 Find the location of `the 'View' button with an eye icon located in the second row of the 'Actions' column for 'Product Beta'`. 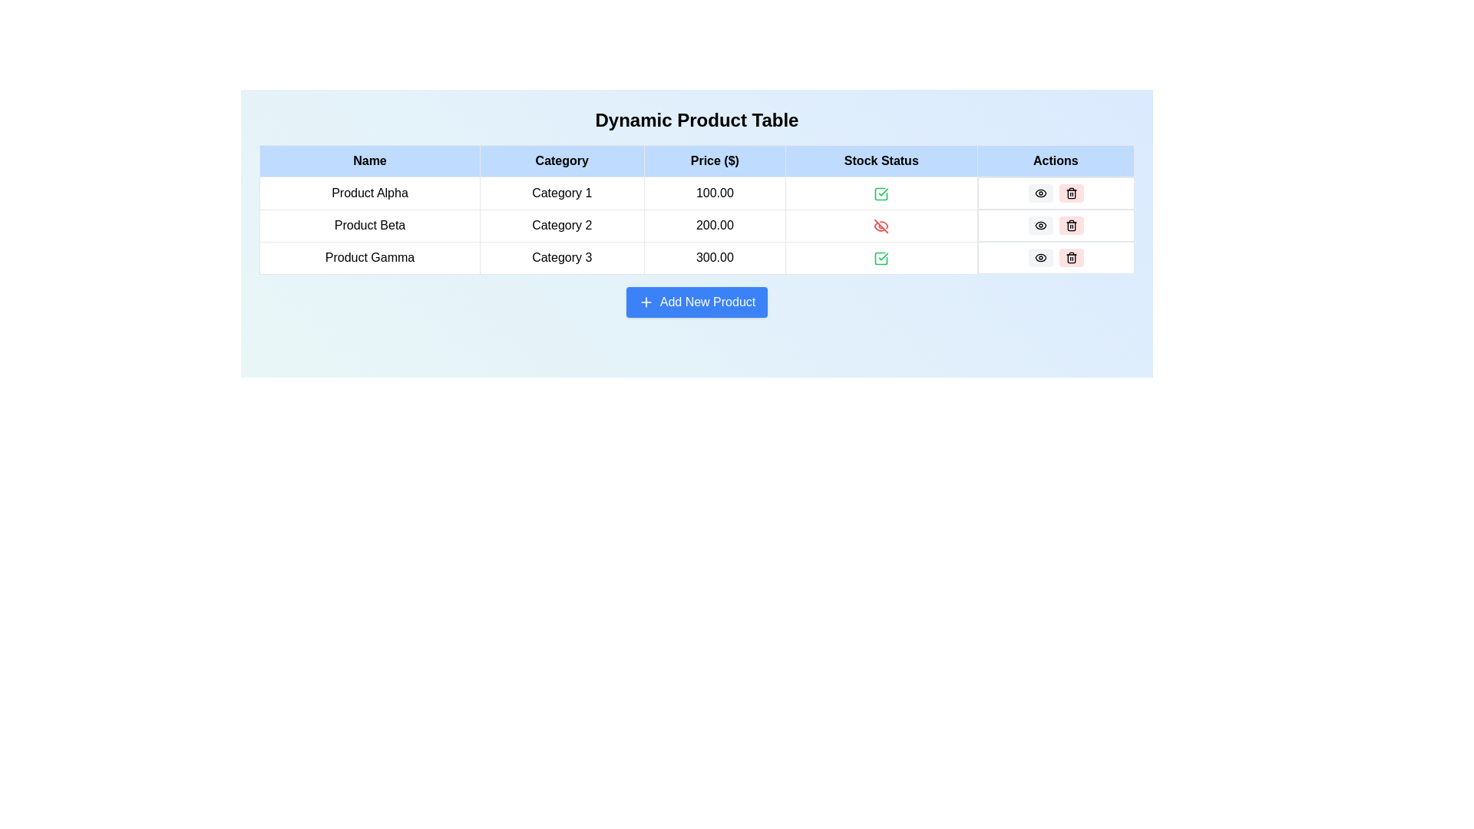

the 'View' button with an eye icon located in the second row of the 'Actions' column for 'Product Beta' is located at coordinates (1040, 225).